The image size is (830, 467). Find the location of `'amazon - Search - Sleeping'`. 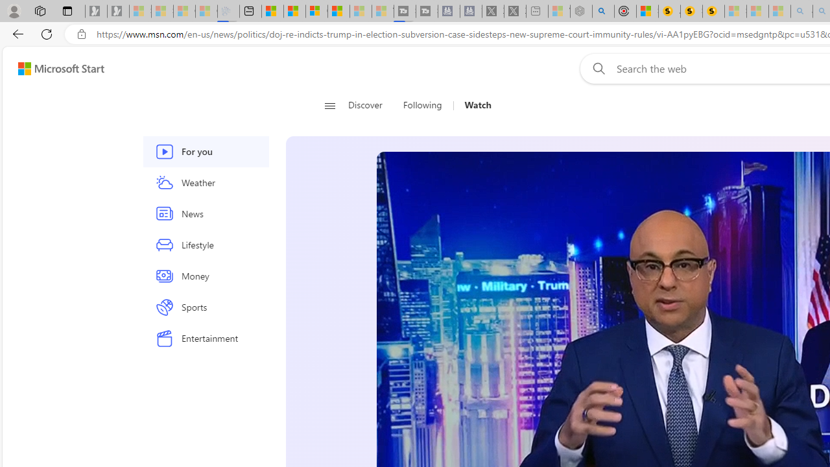

'amazon - Search - Sleeping' is located at coordinates (801, 11).